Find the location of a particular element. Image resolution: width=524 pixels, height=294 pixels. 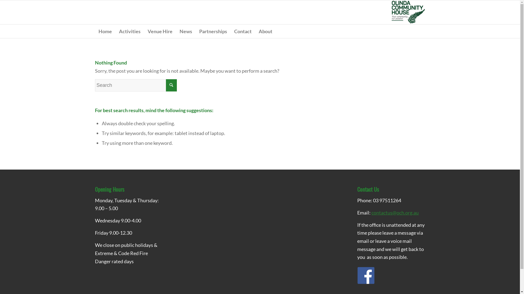

'Home' is located at coordinates (105, 31).